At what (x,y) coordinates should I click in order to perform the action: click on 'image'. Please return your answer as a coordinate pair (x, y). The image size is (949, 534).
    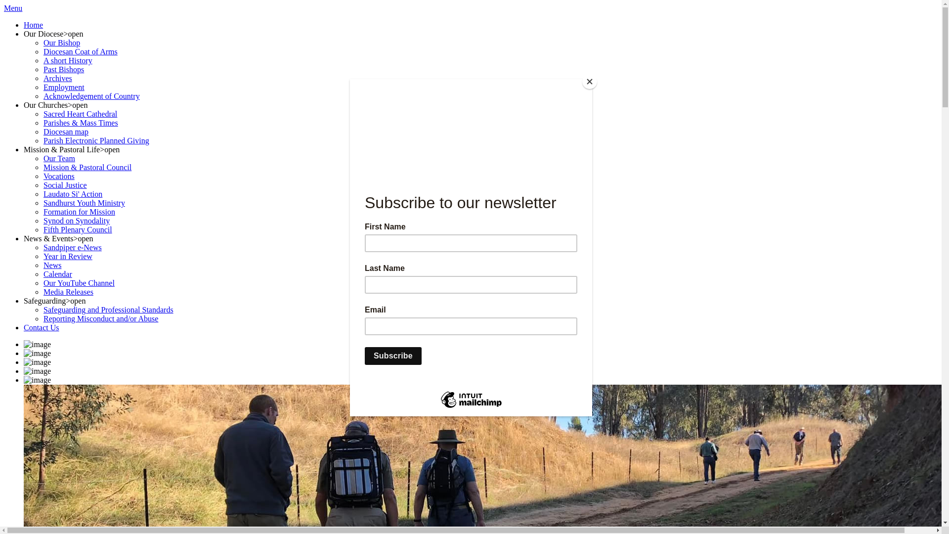
    Looking at the image, I should click on (37, 371).